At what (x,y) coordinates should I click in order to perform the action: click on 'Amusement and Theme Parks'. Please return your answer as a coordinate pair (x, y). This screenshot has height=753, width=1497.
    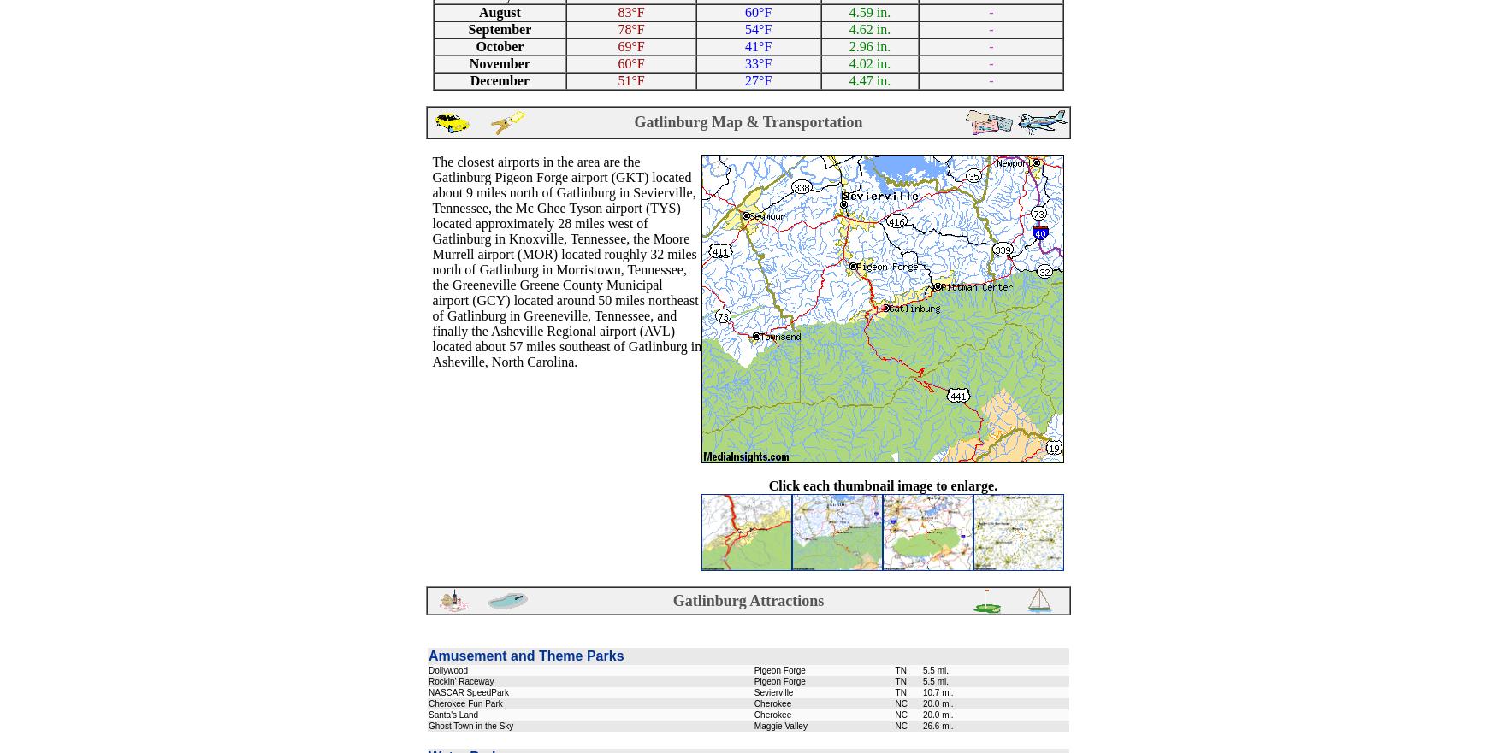
    Looking at the image, I should click on (525, 655).